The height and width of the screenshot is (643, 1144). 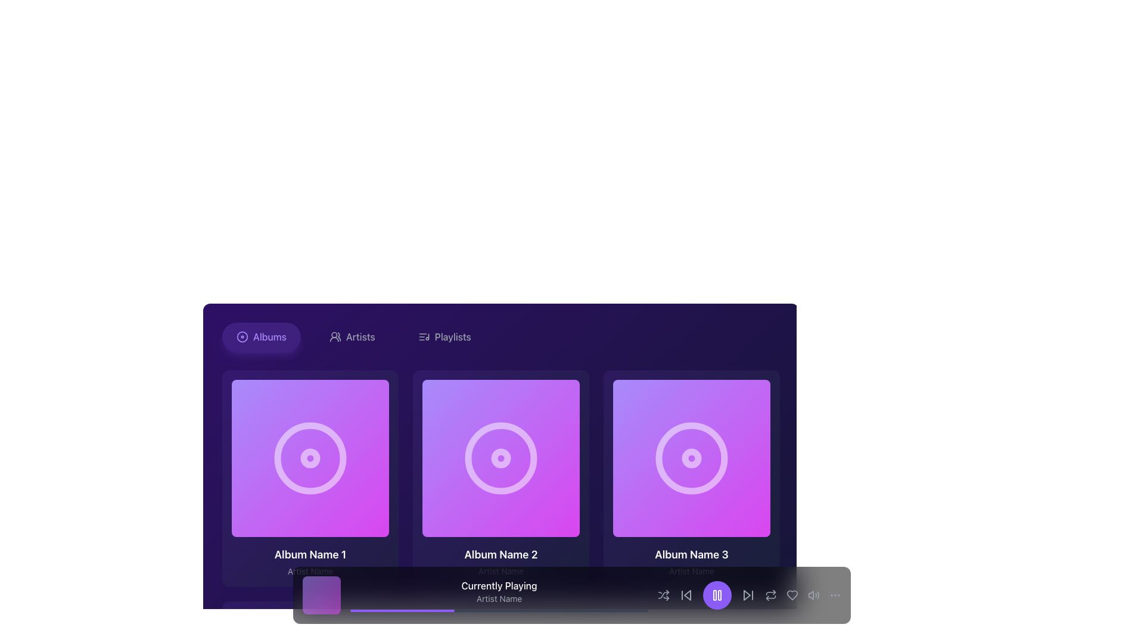 What do you see at coordinates (500, 458) in the screenshot?
I see `the spinning animation of the loading icon, which is the second icon from the left in a row of icons related to 'Album Name 2'` at bounding box center [500, 458].